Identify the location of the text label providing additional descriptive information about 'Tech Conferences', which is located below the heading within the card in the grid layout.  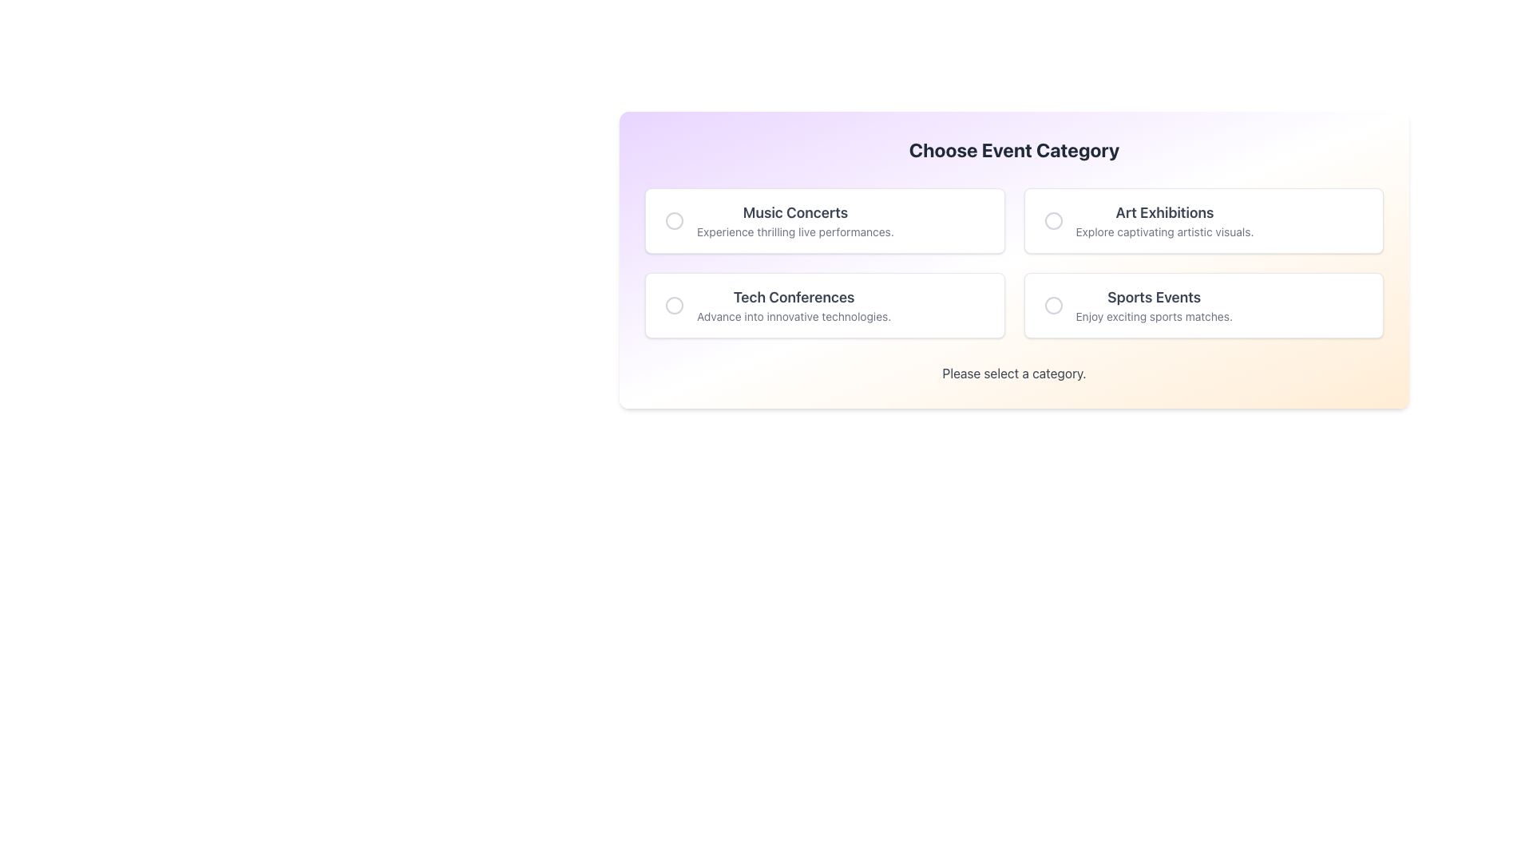
(794, 317).